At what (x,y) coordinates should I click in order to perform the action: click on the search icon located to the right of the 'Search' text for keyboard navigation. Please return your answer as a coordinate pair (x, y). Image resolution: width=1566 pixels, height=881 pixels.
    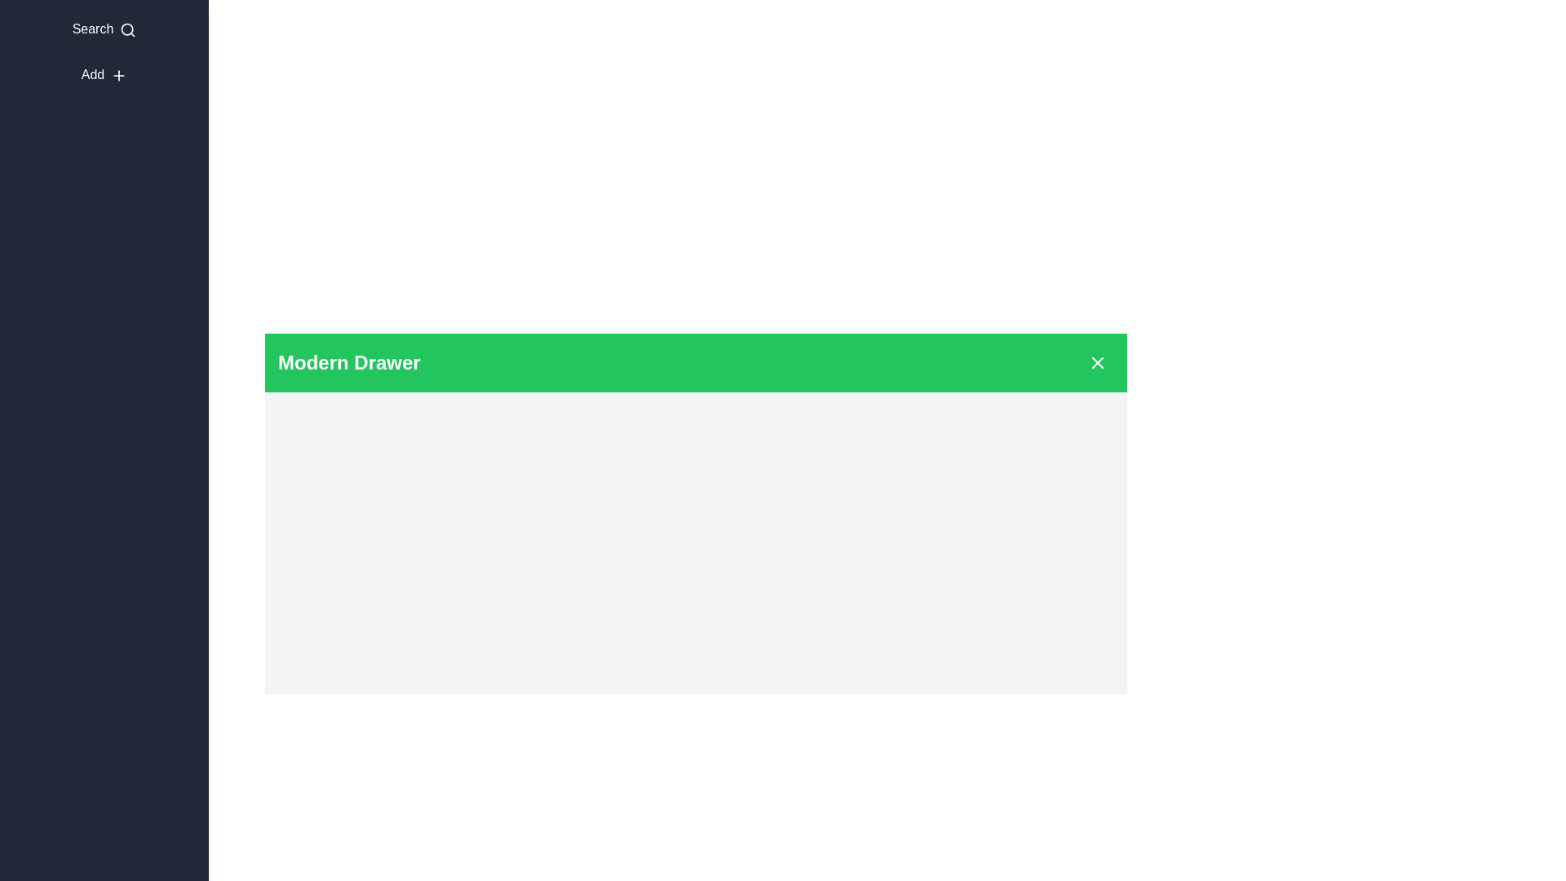
    Looking at the image, I should click on (127, 29).